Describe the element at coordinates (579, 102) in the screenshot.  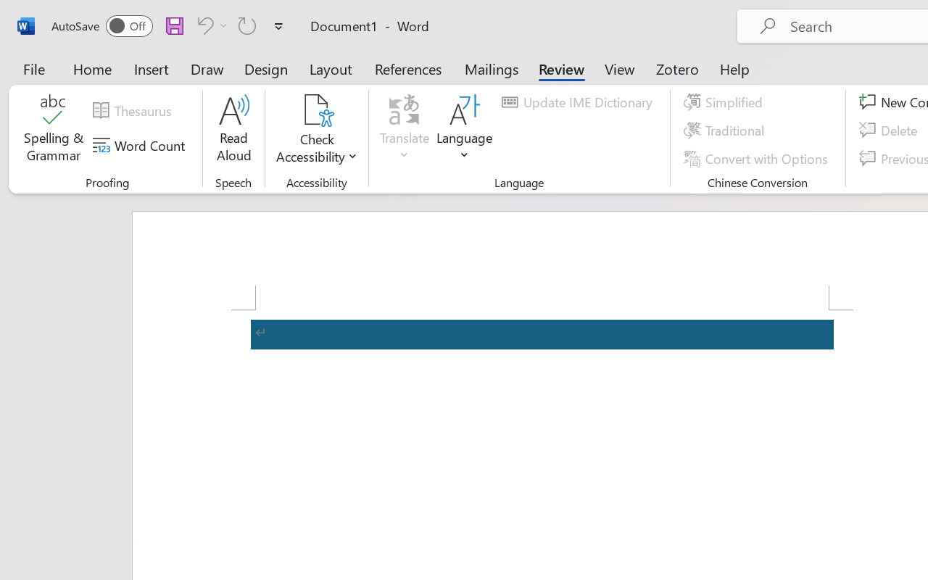
I see `'Update IME Dictionary...'` at that location.